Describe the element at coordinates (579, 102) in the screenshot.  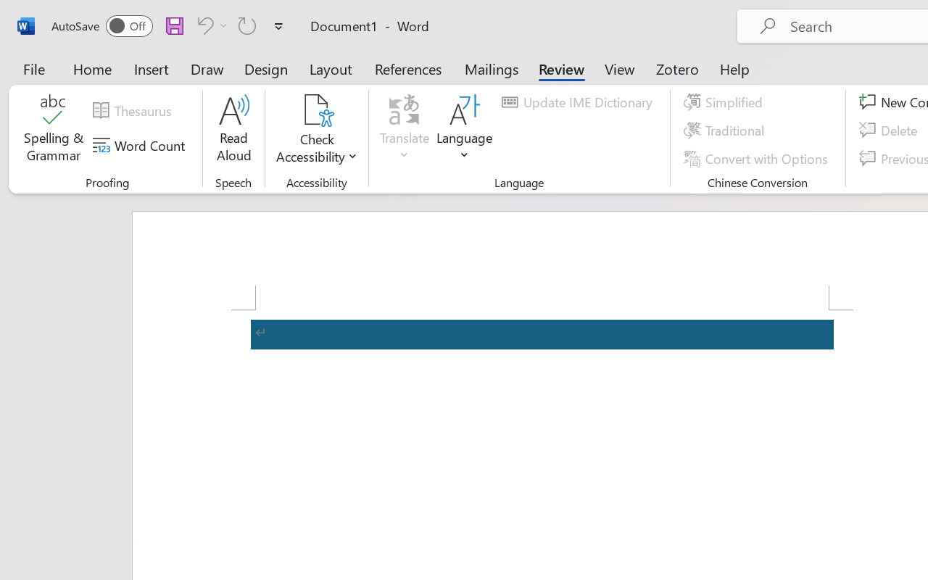
I see `'Update IME Dictionary...'` at that location.